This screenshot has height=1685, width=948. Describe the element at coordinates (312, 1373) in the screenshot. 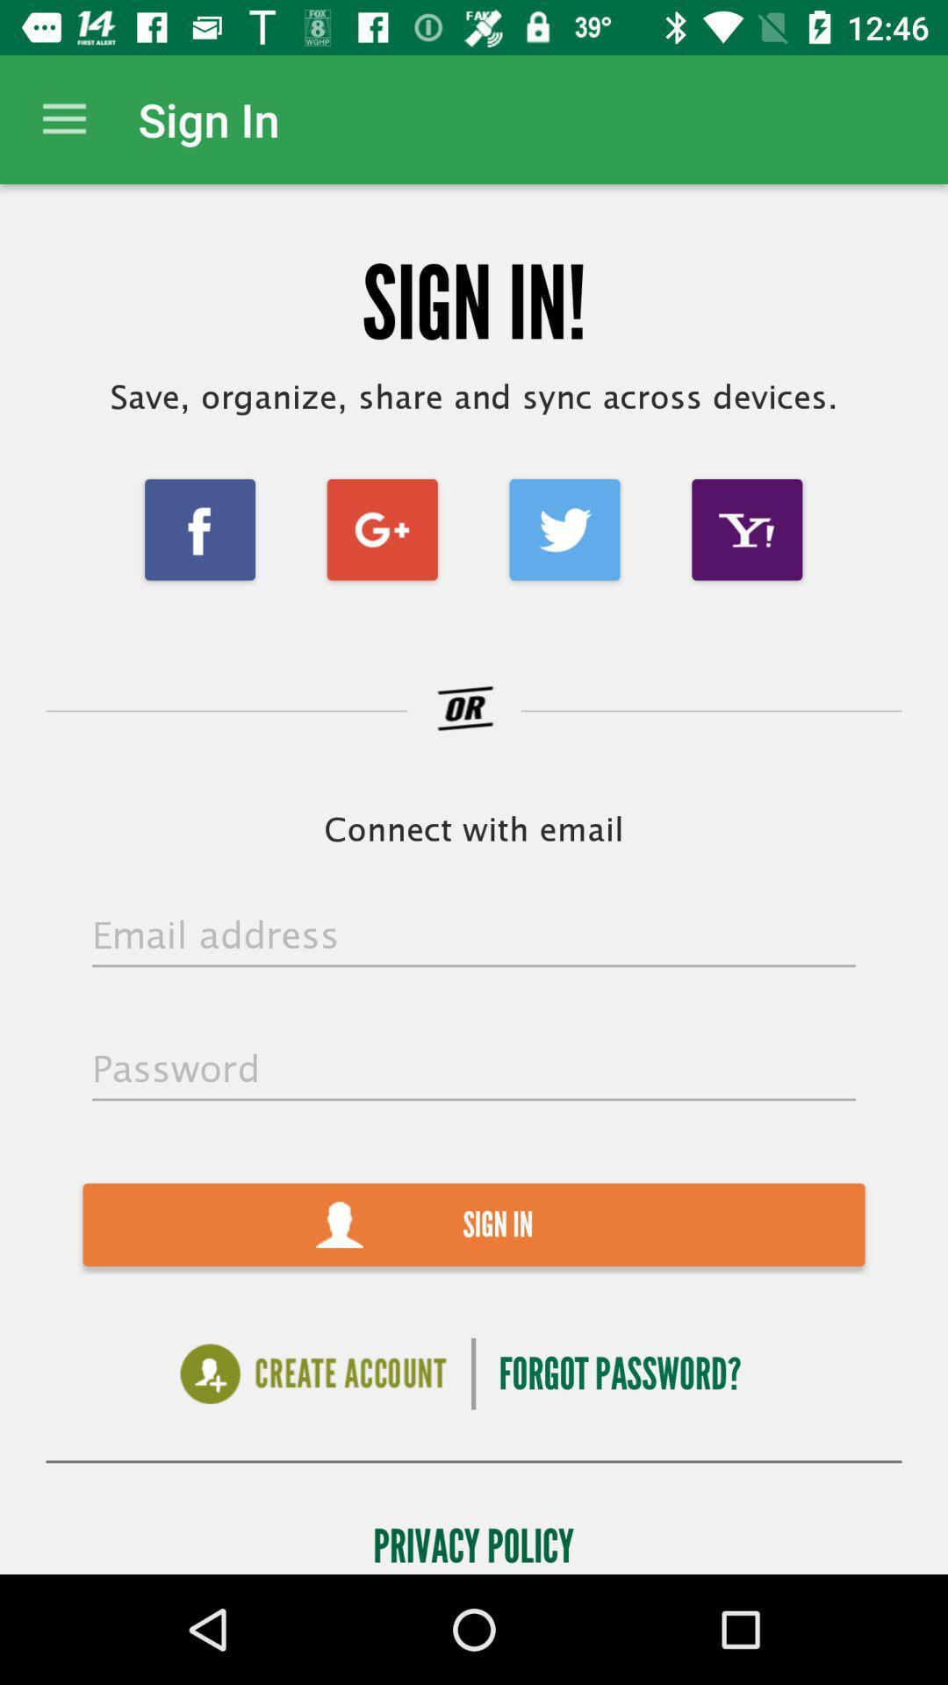

I see `icon below the sign in item` at that location.